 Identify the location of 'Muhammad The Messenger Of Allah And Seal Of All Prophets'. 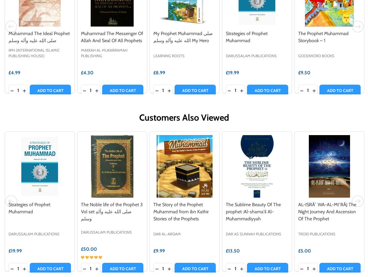
(112, 37).